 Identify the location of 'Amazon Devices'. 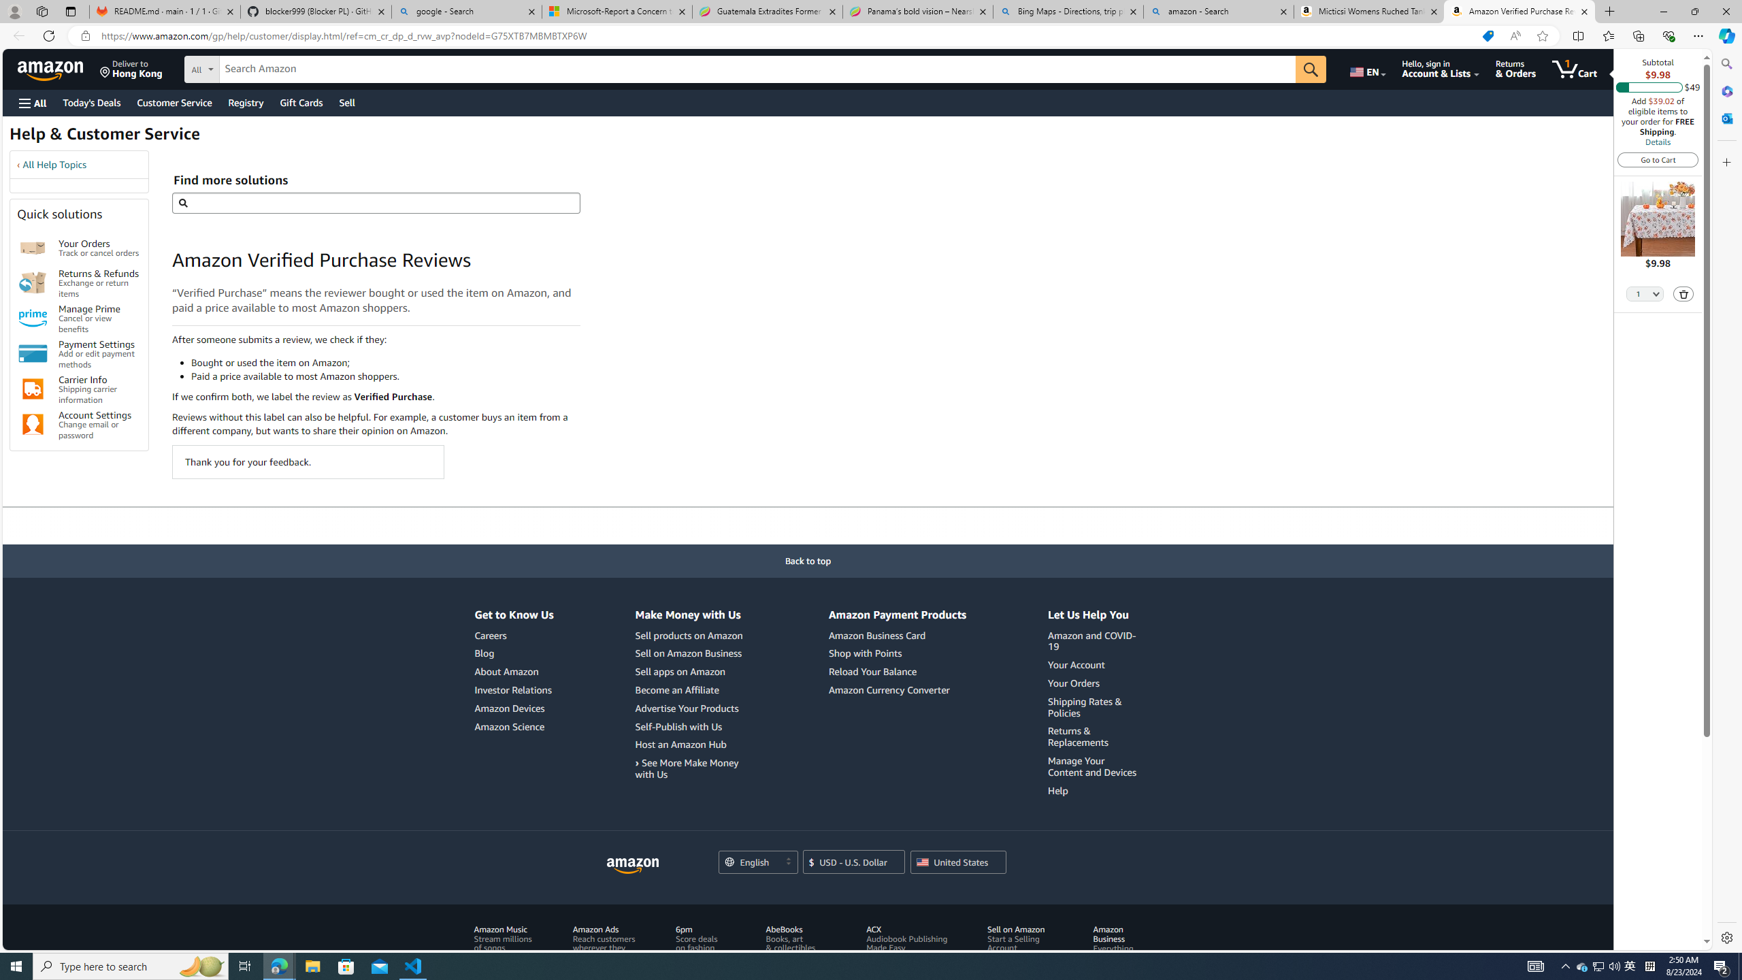
(508, 707).